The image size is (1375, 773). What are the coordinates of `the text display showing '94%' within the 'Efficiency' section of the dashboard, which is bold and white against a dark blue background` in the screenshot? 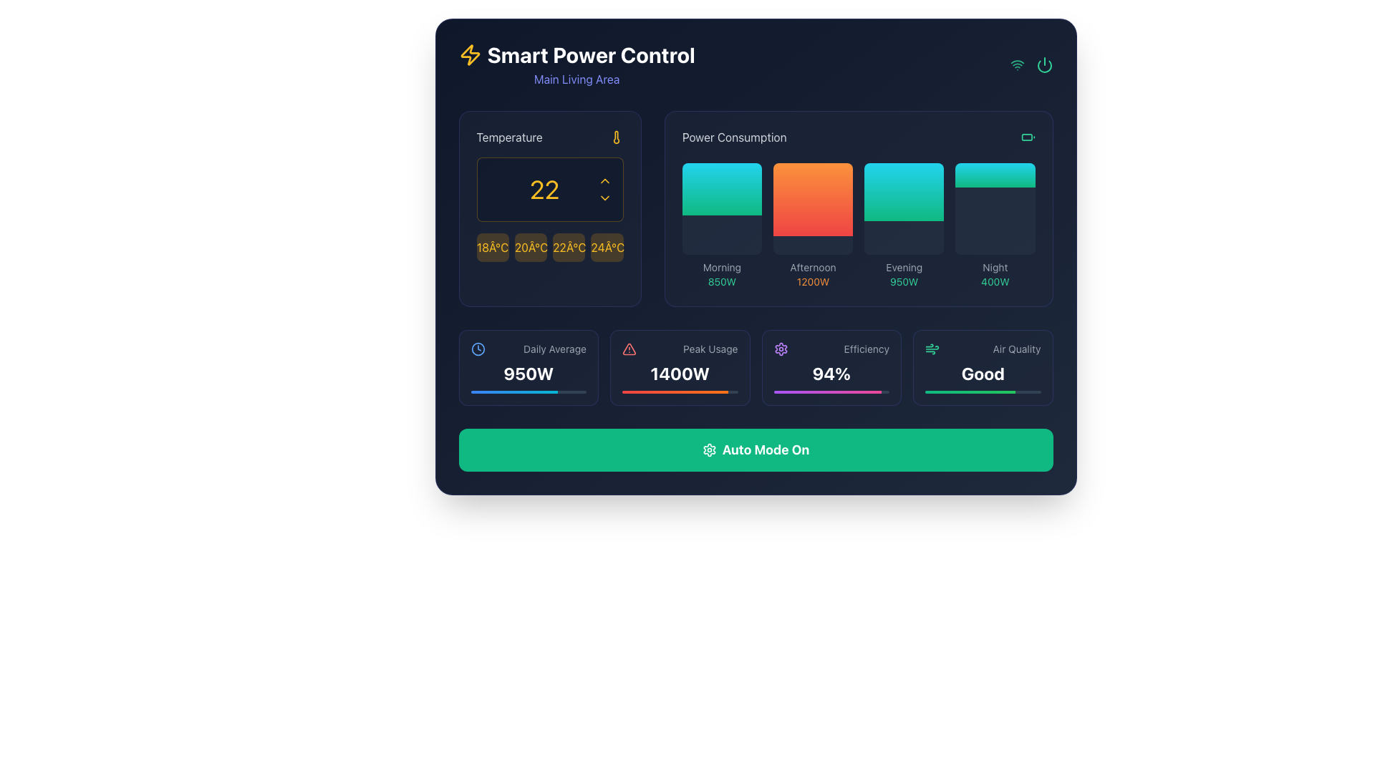 It's located at (831, 372).